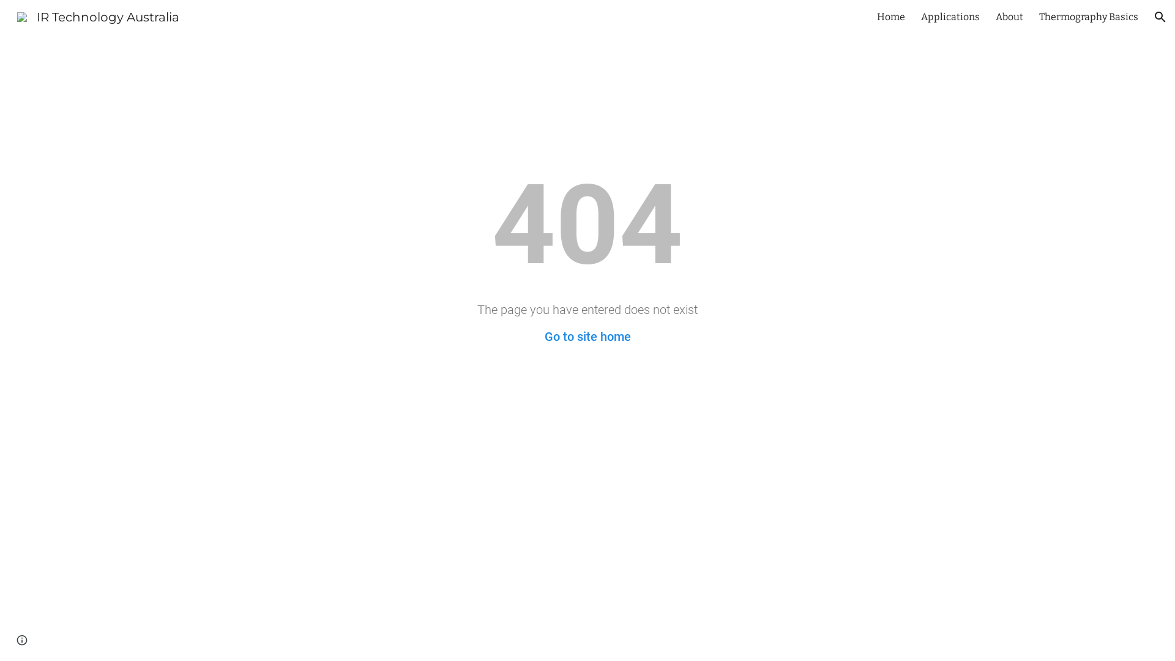  What do you see at coordinates (98, 16) in the screenshot?
I see `'IR Technology Australia'` at bounding box center [98, 16].